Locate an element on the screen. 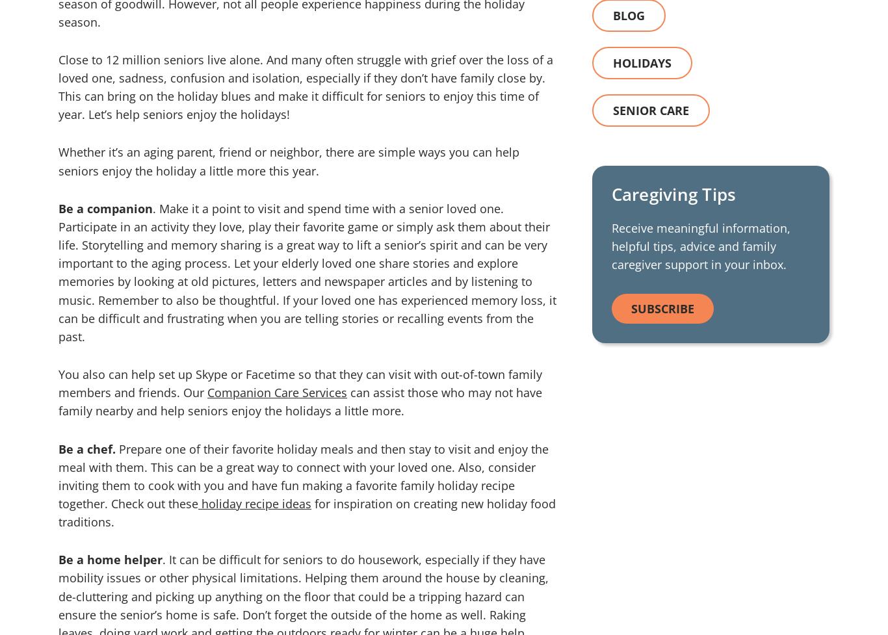 The image size is (888, 635). 'Terms of Service' is located at coordinates (559, 394).